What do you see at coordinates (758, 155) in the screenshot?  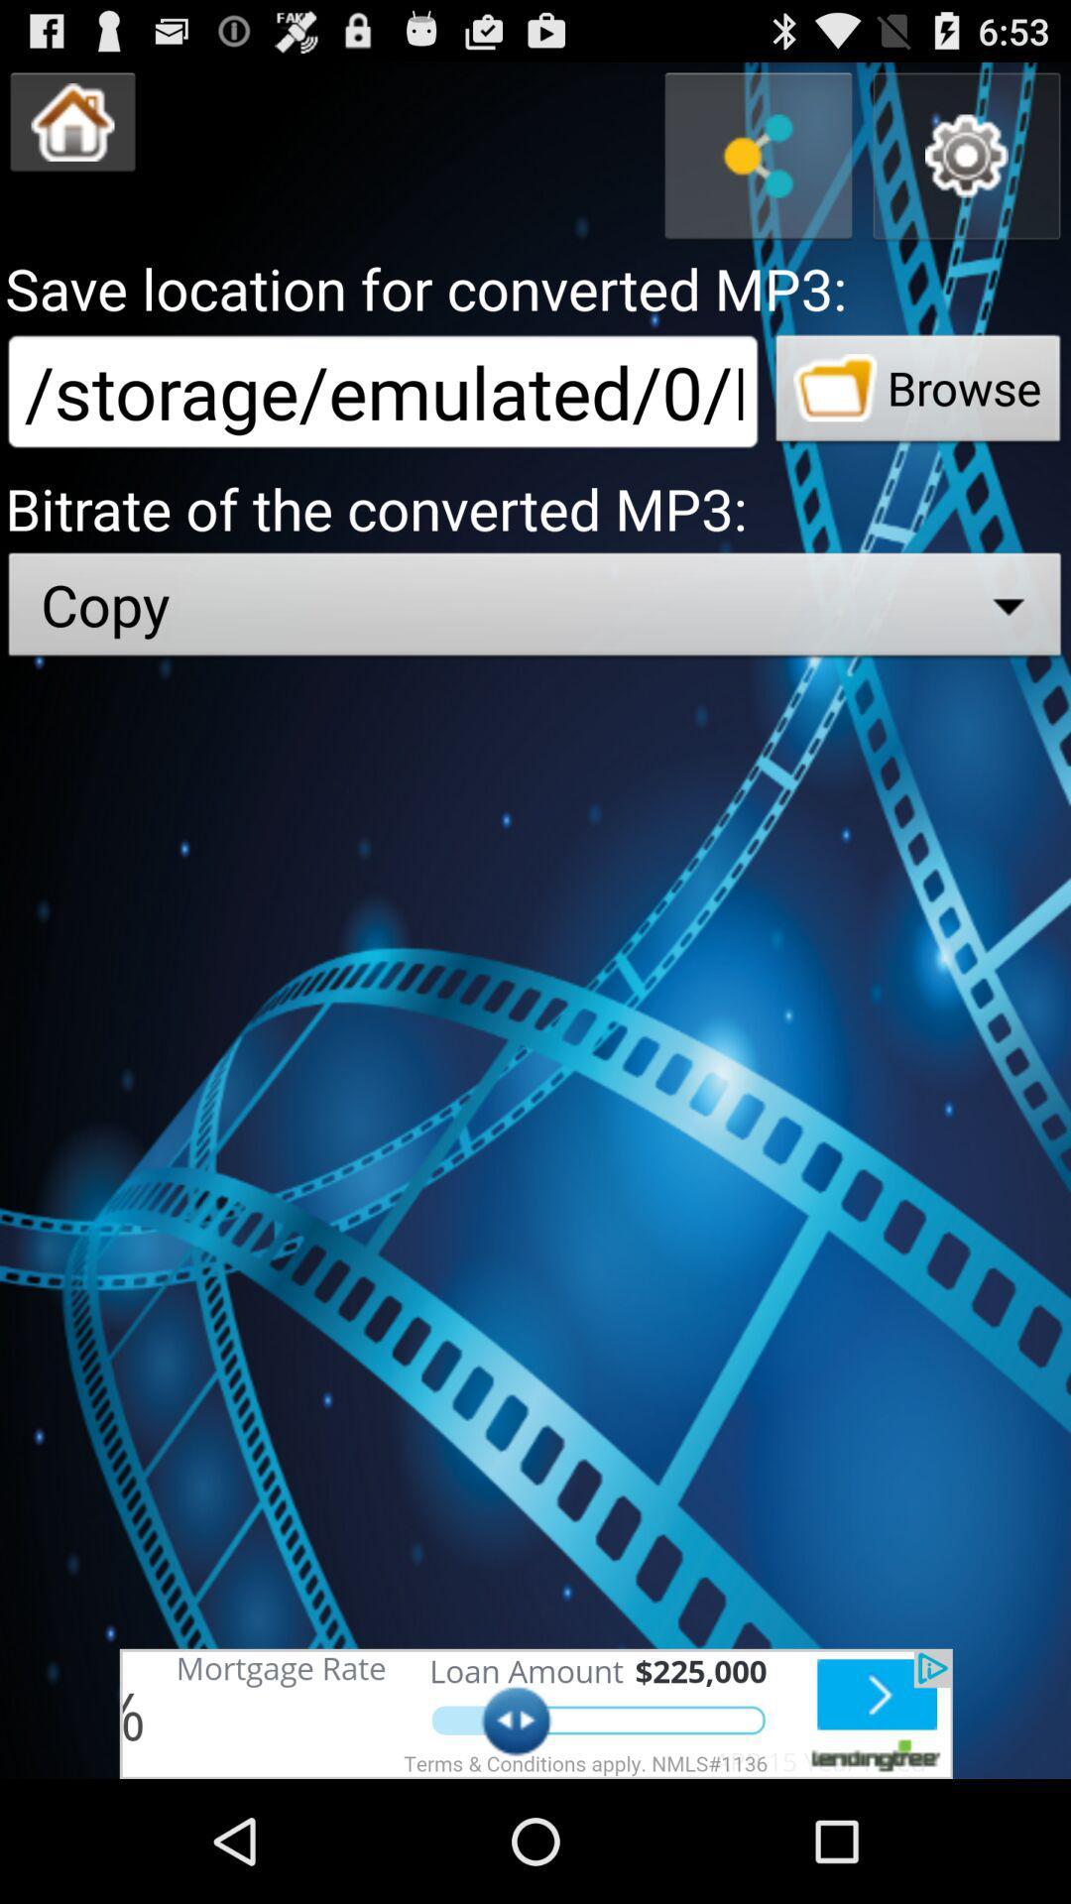 I see `share mp3` at bounding box center [758, 155].